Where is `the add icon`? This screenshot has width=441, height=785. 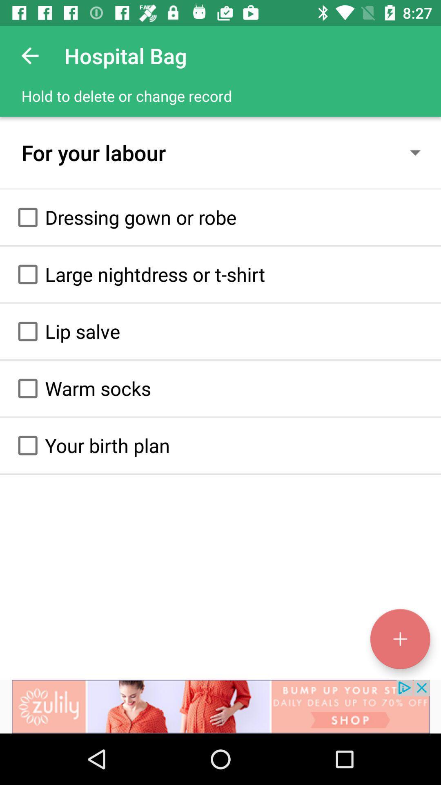
the add icon is located at coordinates (400, 639).